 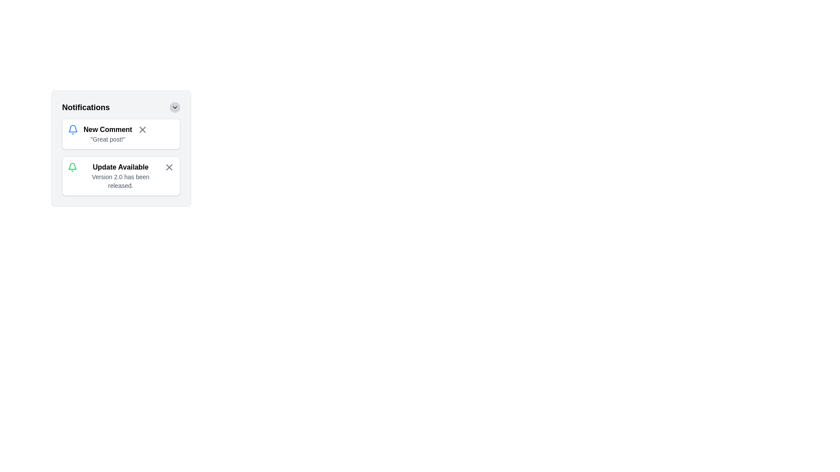 What do you see at coordinates (107, 139) in the screenshot?
I see `text from the small text block displaying 'Great post!' located beneath the bolded title 'New Comment' in the notification card` at bounding box center [107, 139].